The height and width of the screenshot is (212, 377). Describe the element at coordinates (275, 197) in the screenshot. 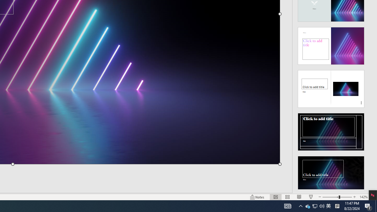

I see `'Slide Sorter'` at that location.